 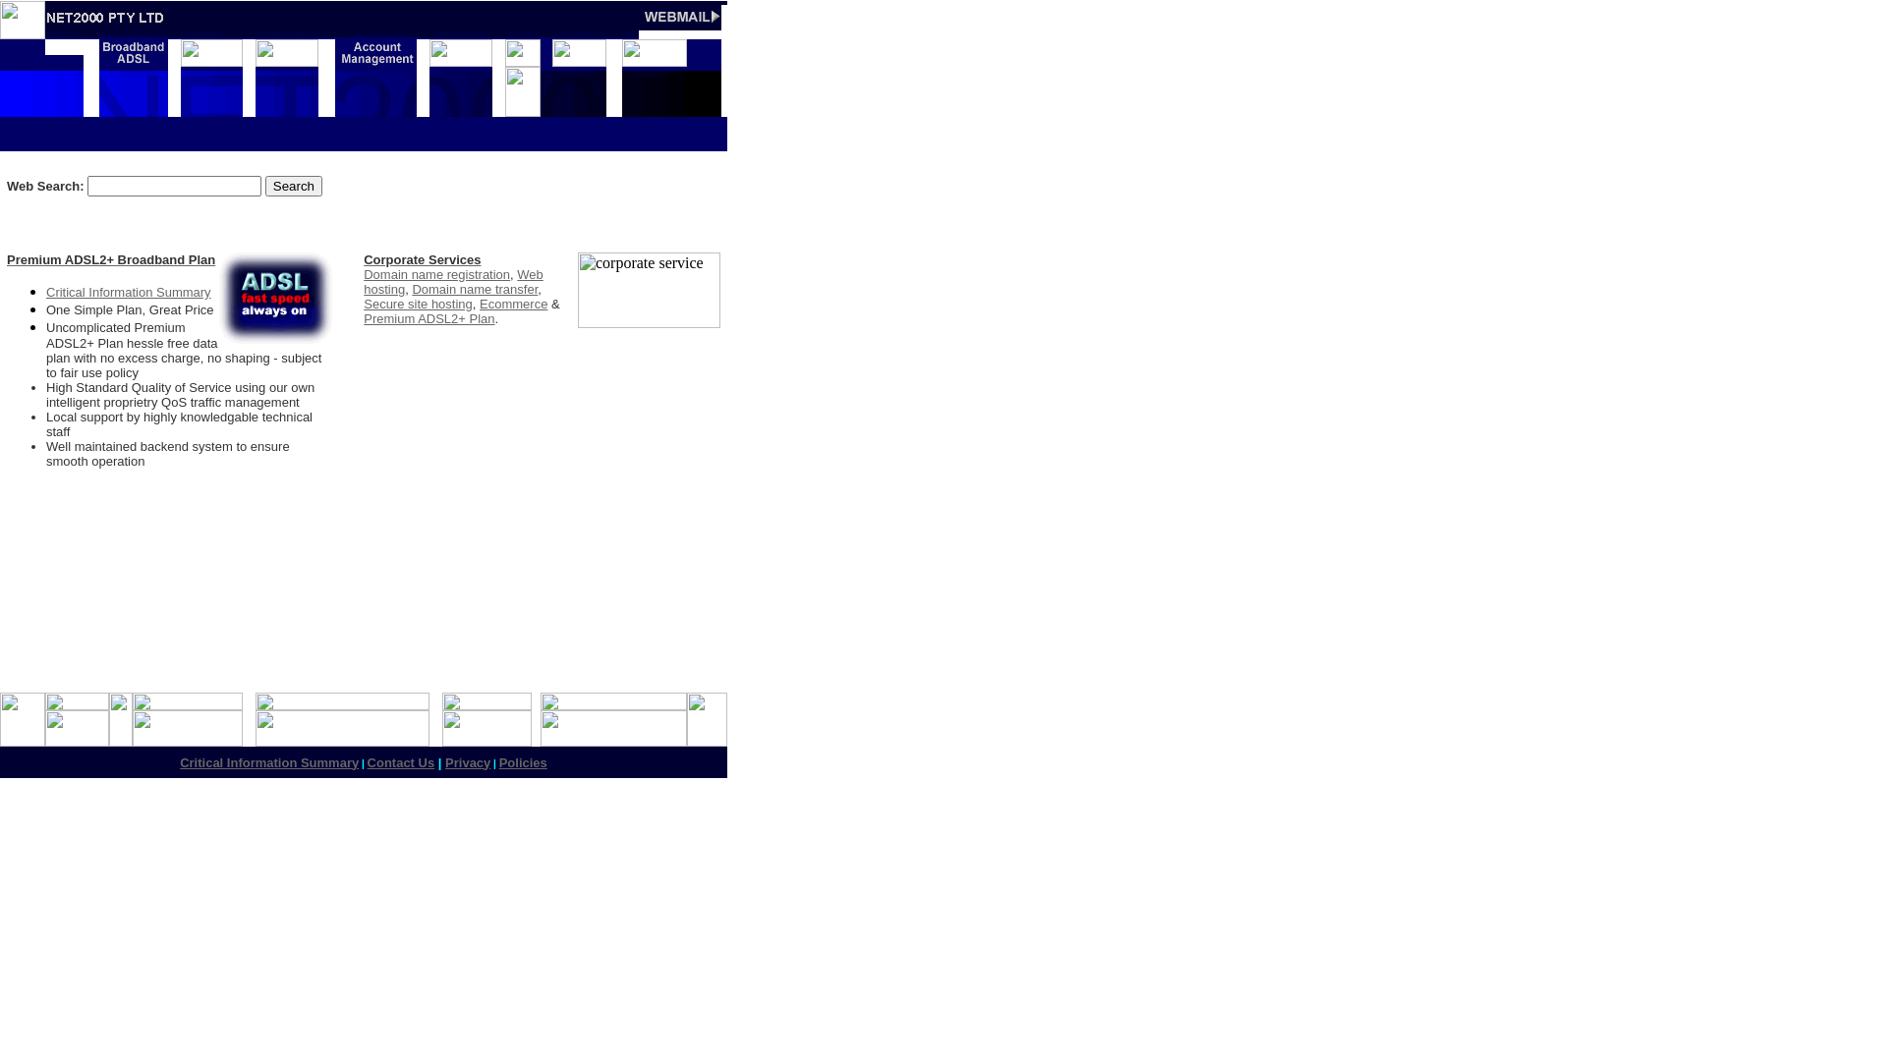 What do you see at coordinates (417, 304) in the screenshot?
I see `'Secure site hosting'` at bounding box center [417, 304].